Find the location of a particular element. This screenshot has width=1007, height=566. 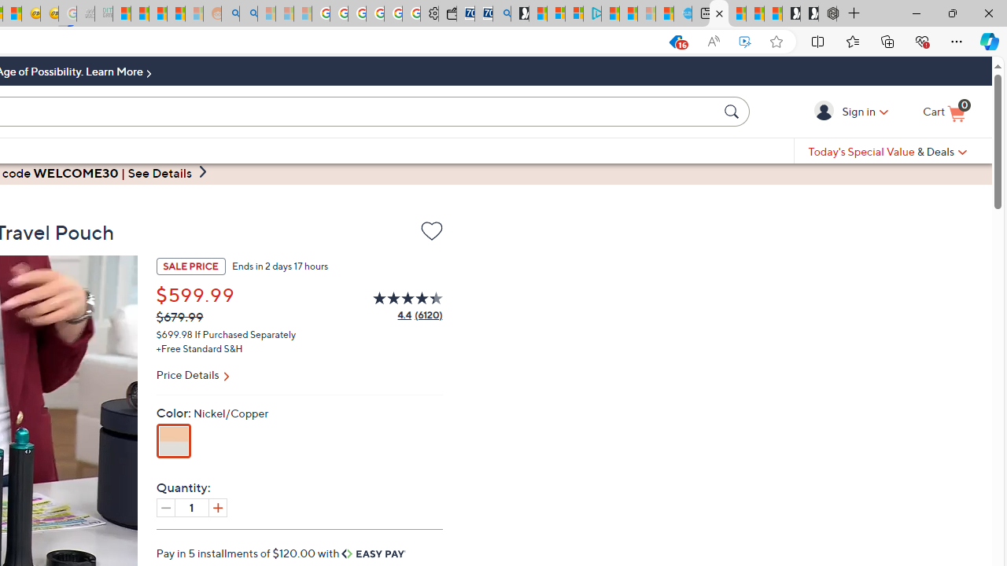

'Wallet' is located at coordinates (446, 13).